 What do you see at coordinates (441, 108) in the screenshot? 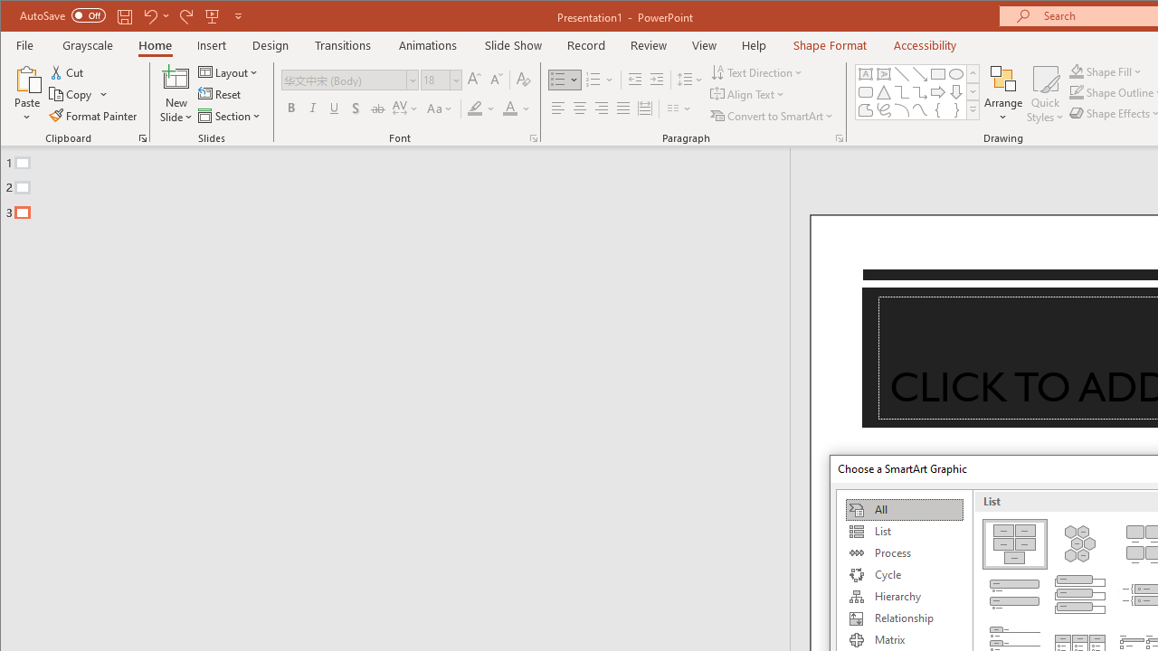
I see `'Change Case'` at bounding box center [441, 108].